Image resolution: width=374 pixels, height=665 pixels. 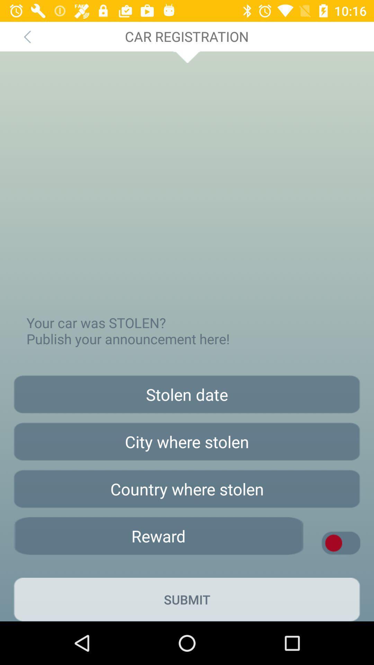 What do you see at coordinates (187, 441) in the screenshot?
I see `city where stolen option` at bounding box center [187, 441].